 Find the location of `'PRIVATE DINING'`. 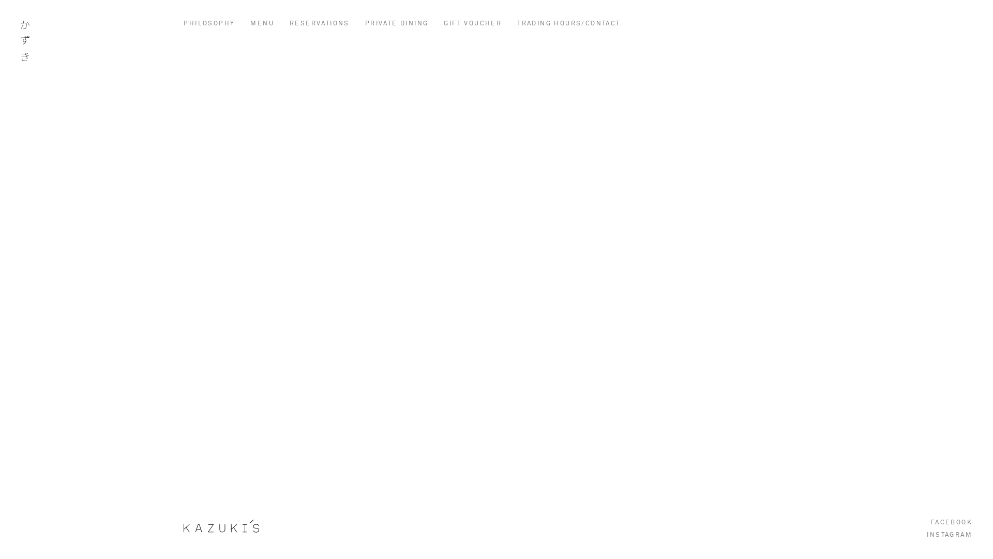

'PRIVATE DINING' is located at coordinates (396, 23).